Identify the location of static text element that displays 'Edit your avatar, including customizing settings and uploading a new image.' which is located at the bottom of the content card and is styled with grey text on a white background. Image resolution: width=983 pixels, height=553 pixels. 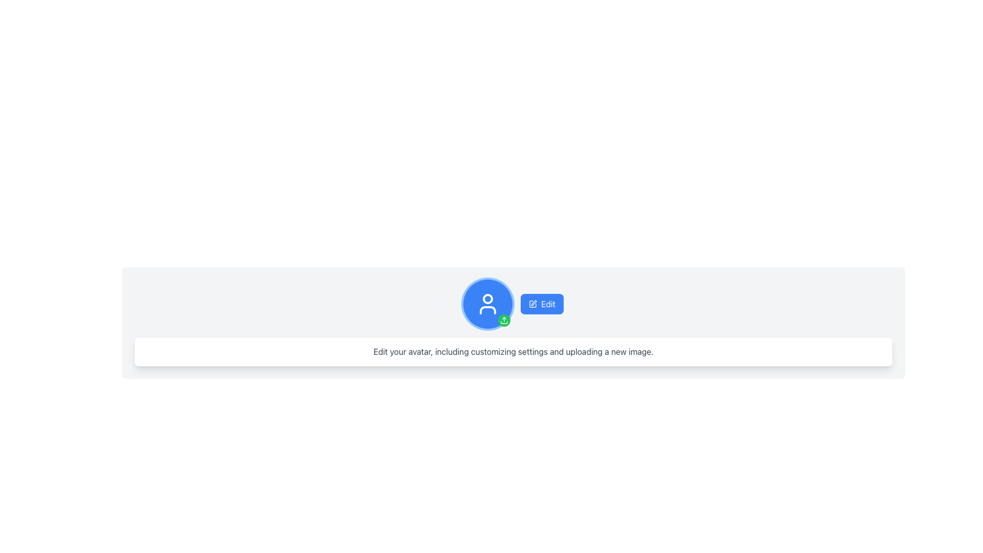
(514, 351).